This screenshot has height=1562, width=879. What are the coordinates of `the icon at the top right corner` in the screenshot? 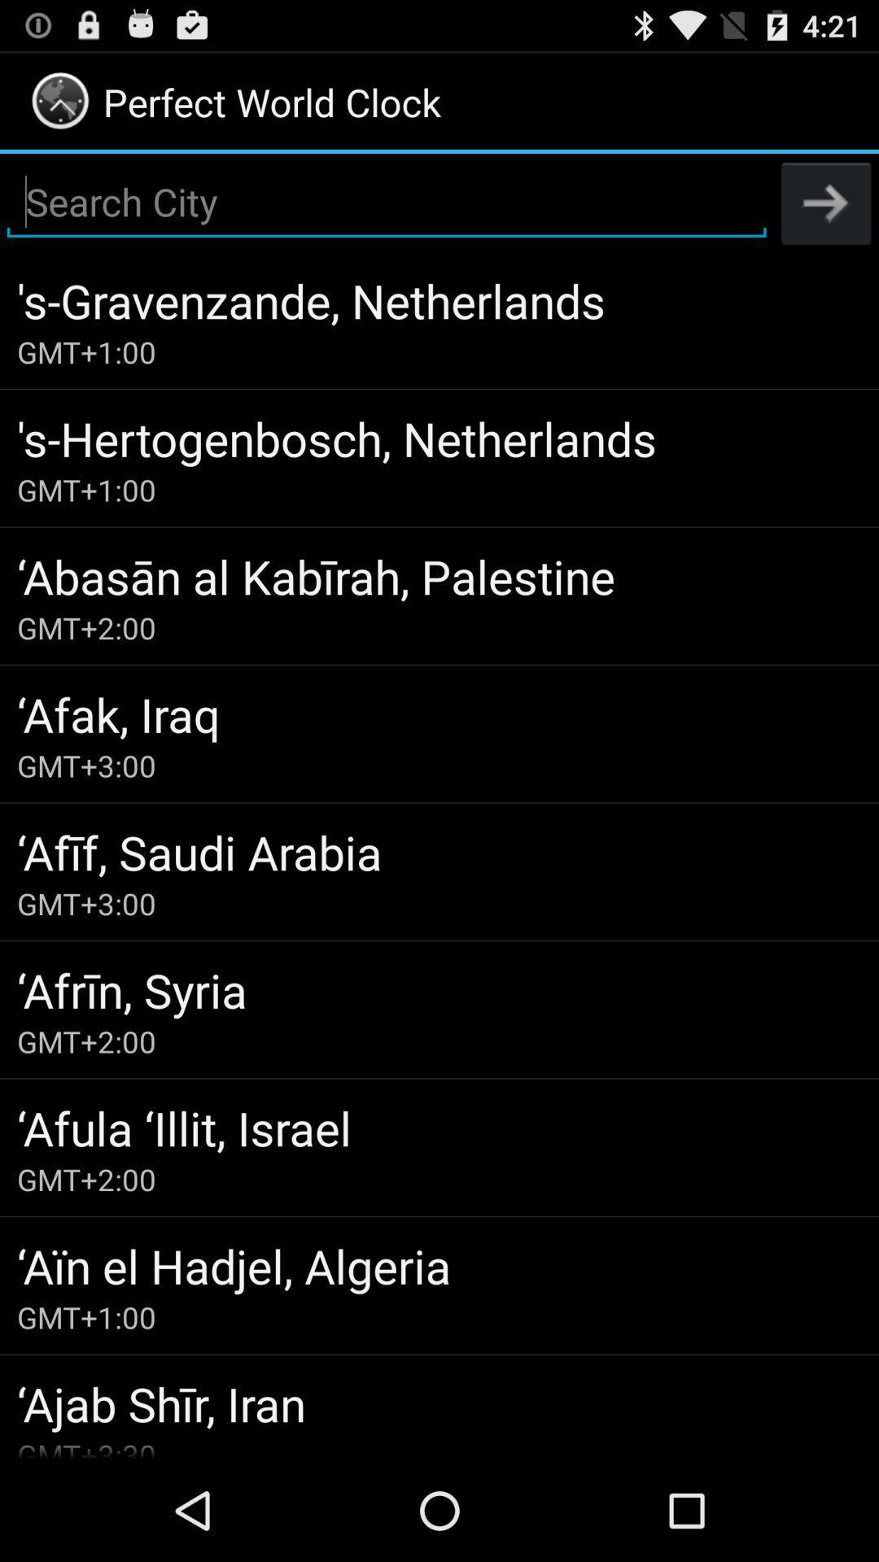 It's located at (826, 202).